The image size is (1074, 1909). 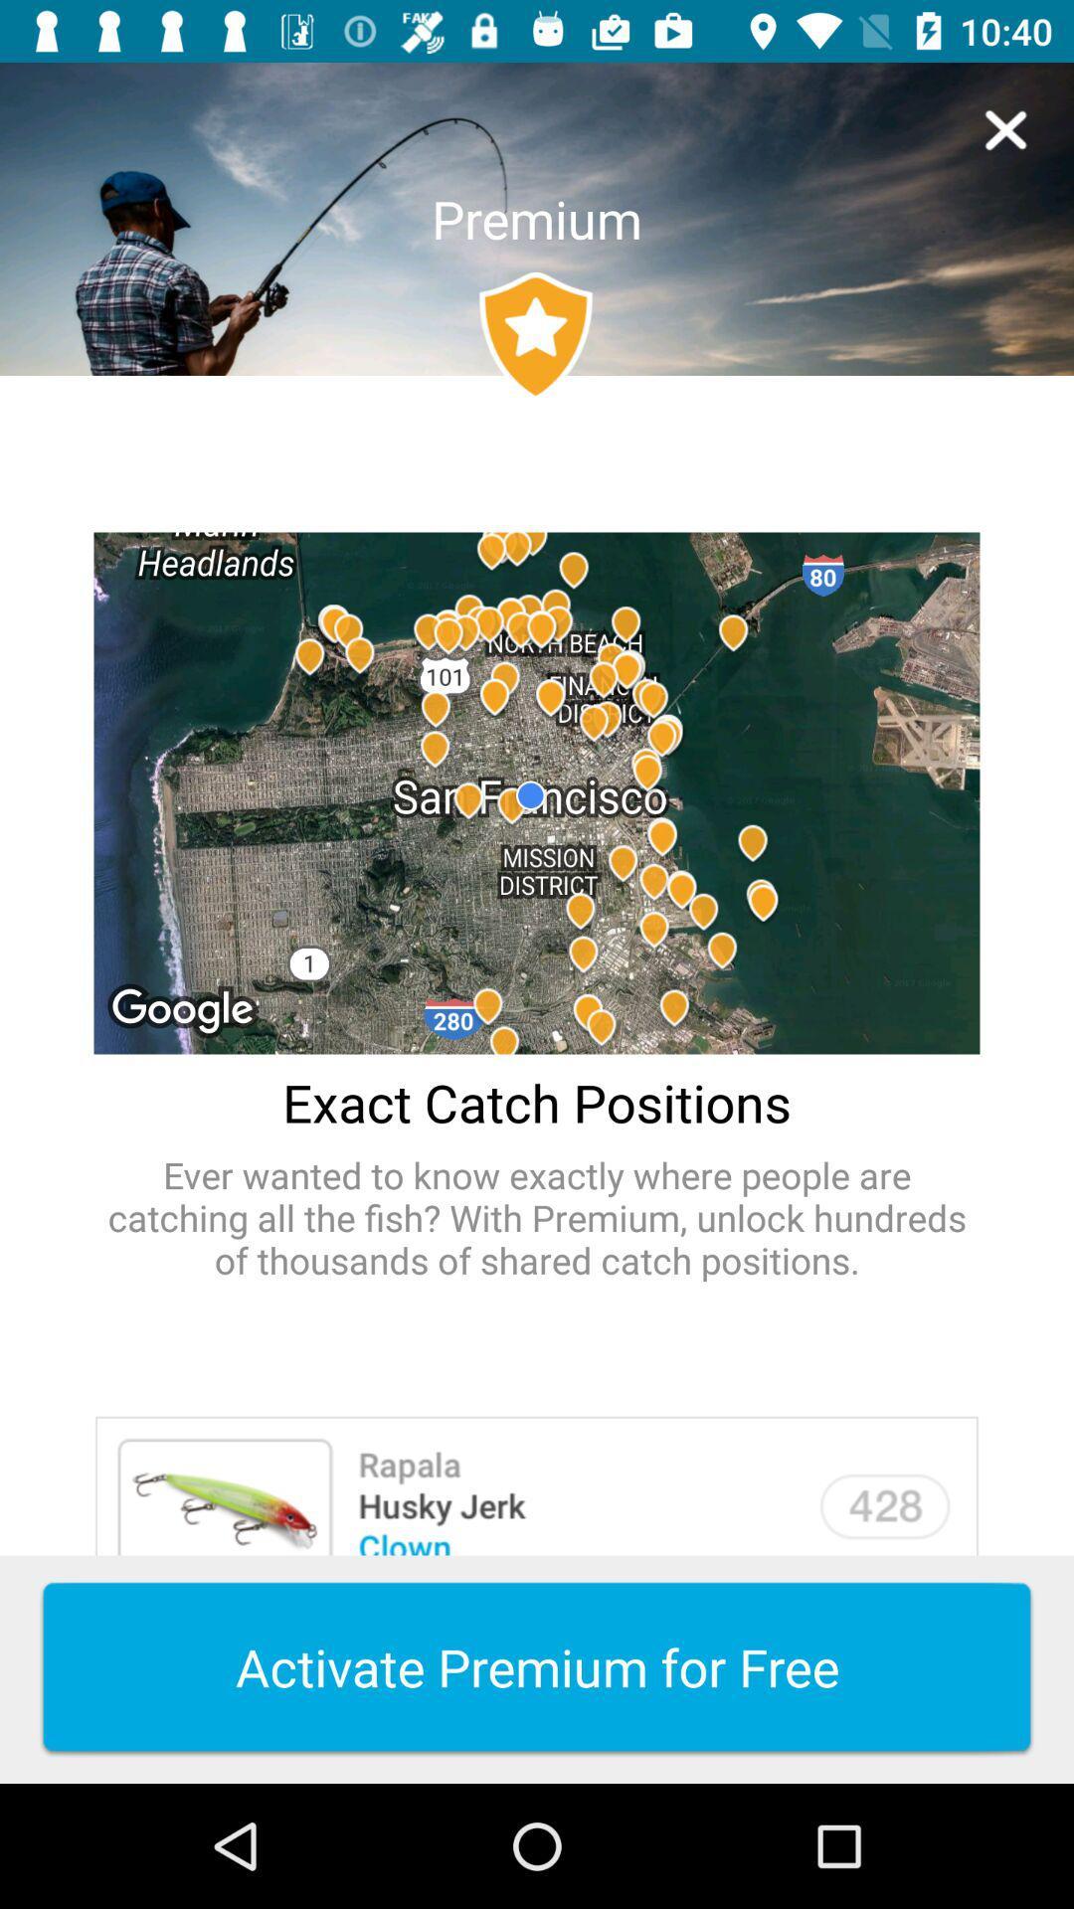 I want to click on current screen, so click(x=1005, y=129).